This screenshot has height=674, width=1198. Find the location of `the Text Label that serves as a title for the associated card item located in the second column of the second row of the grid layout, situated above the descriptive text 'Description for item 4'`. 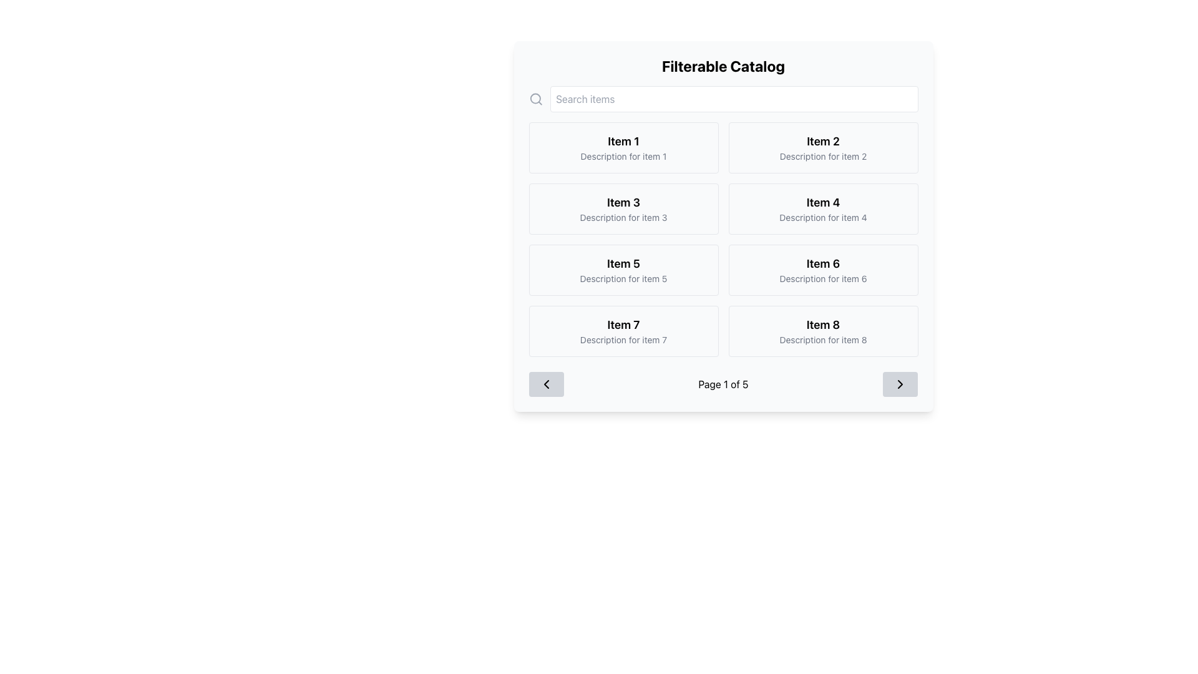

the Text Label that serves as a title for the associated card item located in the second column of the second row of the grid layout, situated above the descriptive text 'Description for item 4' is located at coordinates (823, 202).